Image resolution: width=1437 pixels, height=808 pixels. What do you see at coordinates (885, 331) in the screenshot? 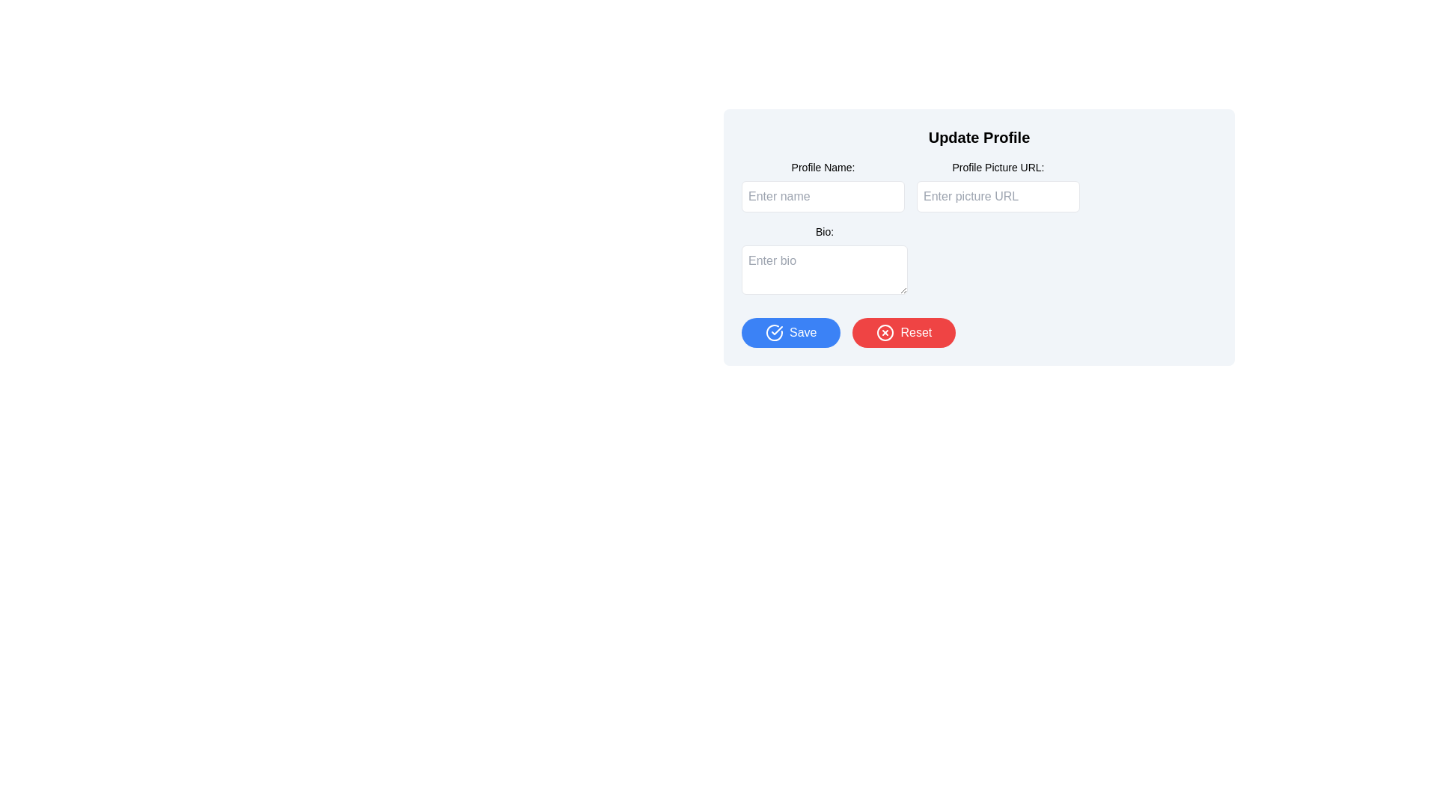
I see `the reset action icon located near the top-right corner of the 'Reset' button, preceding the text label` at bounding box center [885, 331].